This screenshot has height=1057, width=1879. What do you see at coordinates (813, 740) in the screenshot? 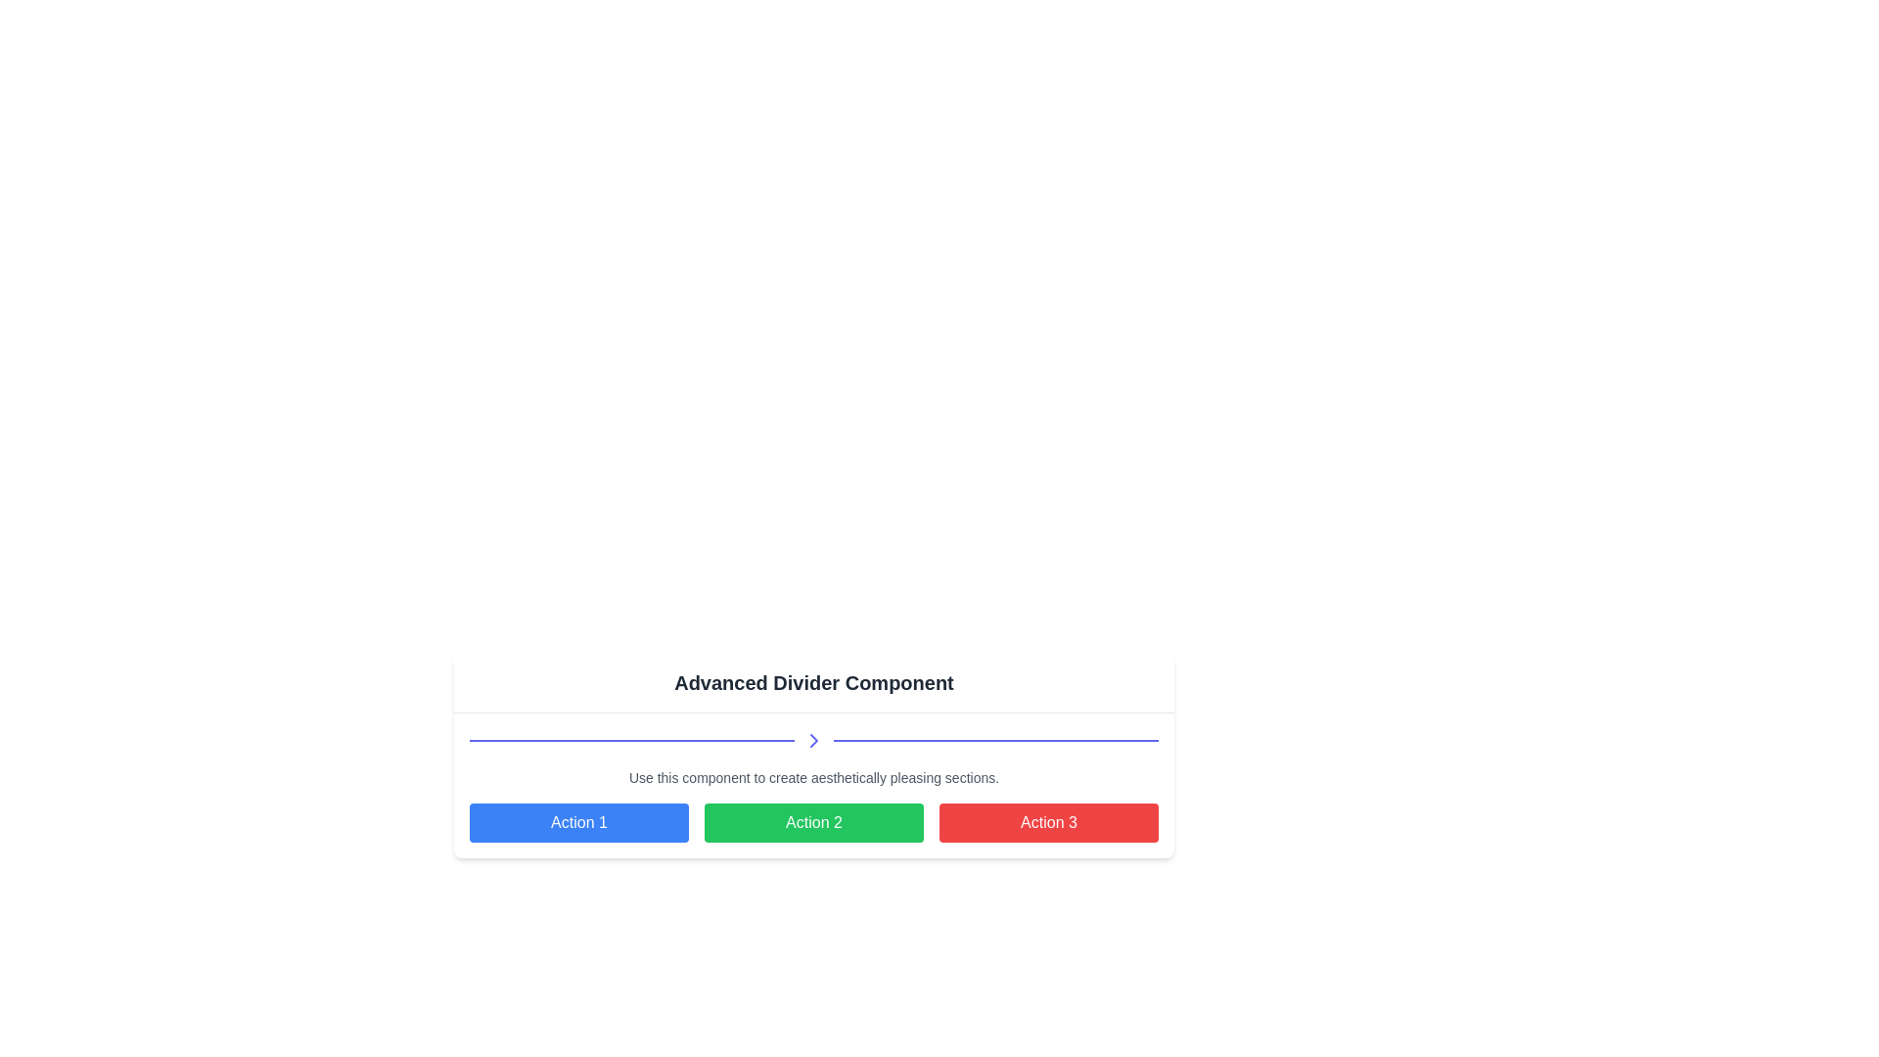
I see `the horizontal divider element with a chevron icon, which is indigo in color and centrally positioned below the heading 'Advanced Divider Component'` at bounding box center [813, 740].